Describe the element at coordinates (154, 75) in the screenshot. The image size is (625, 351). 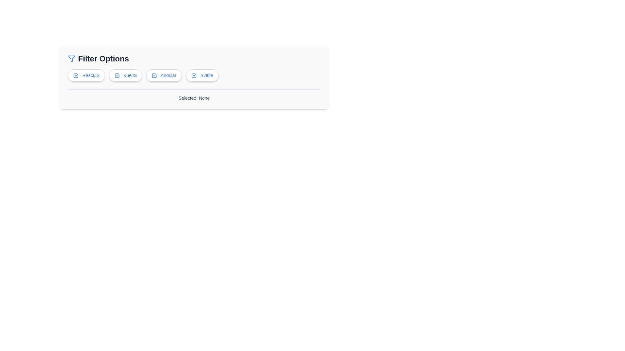
I see `the decorative graphic element indicating that the 'Angular' filter option is currently selected, located in the SVG icon of the third button from the left in the horizontal list of filter options` at that location.